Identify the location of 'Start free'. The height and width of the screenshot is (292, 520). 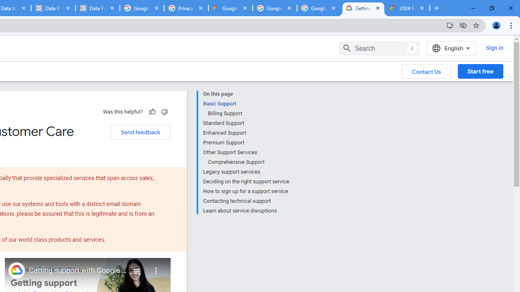
(480, 71).